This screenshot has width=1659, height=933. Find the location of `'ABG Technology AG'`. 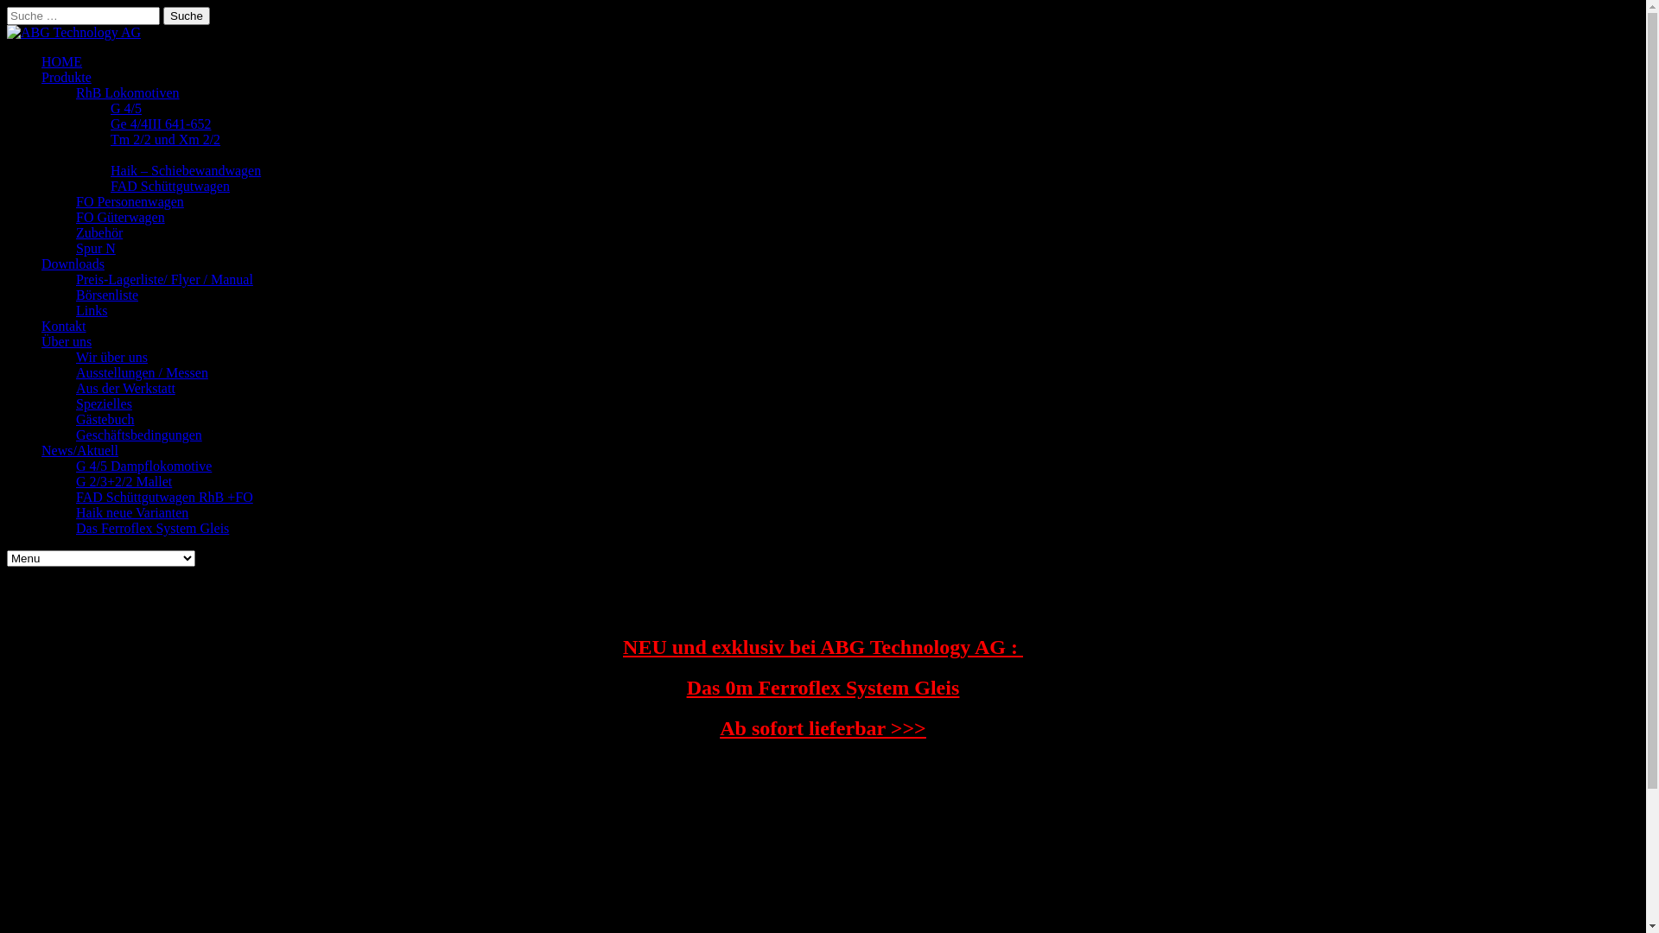

'ABG Technology AG' is located at coordinates (73, 32).